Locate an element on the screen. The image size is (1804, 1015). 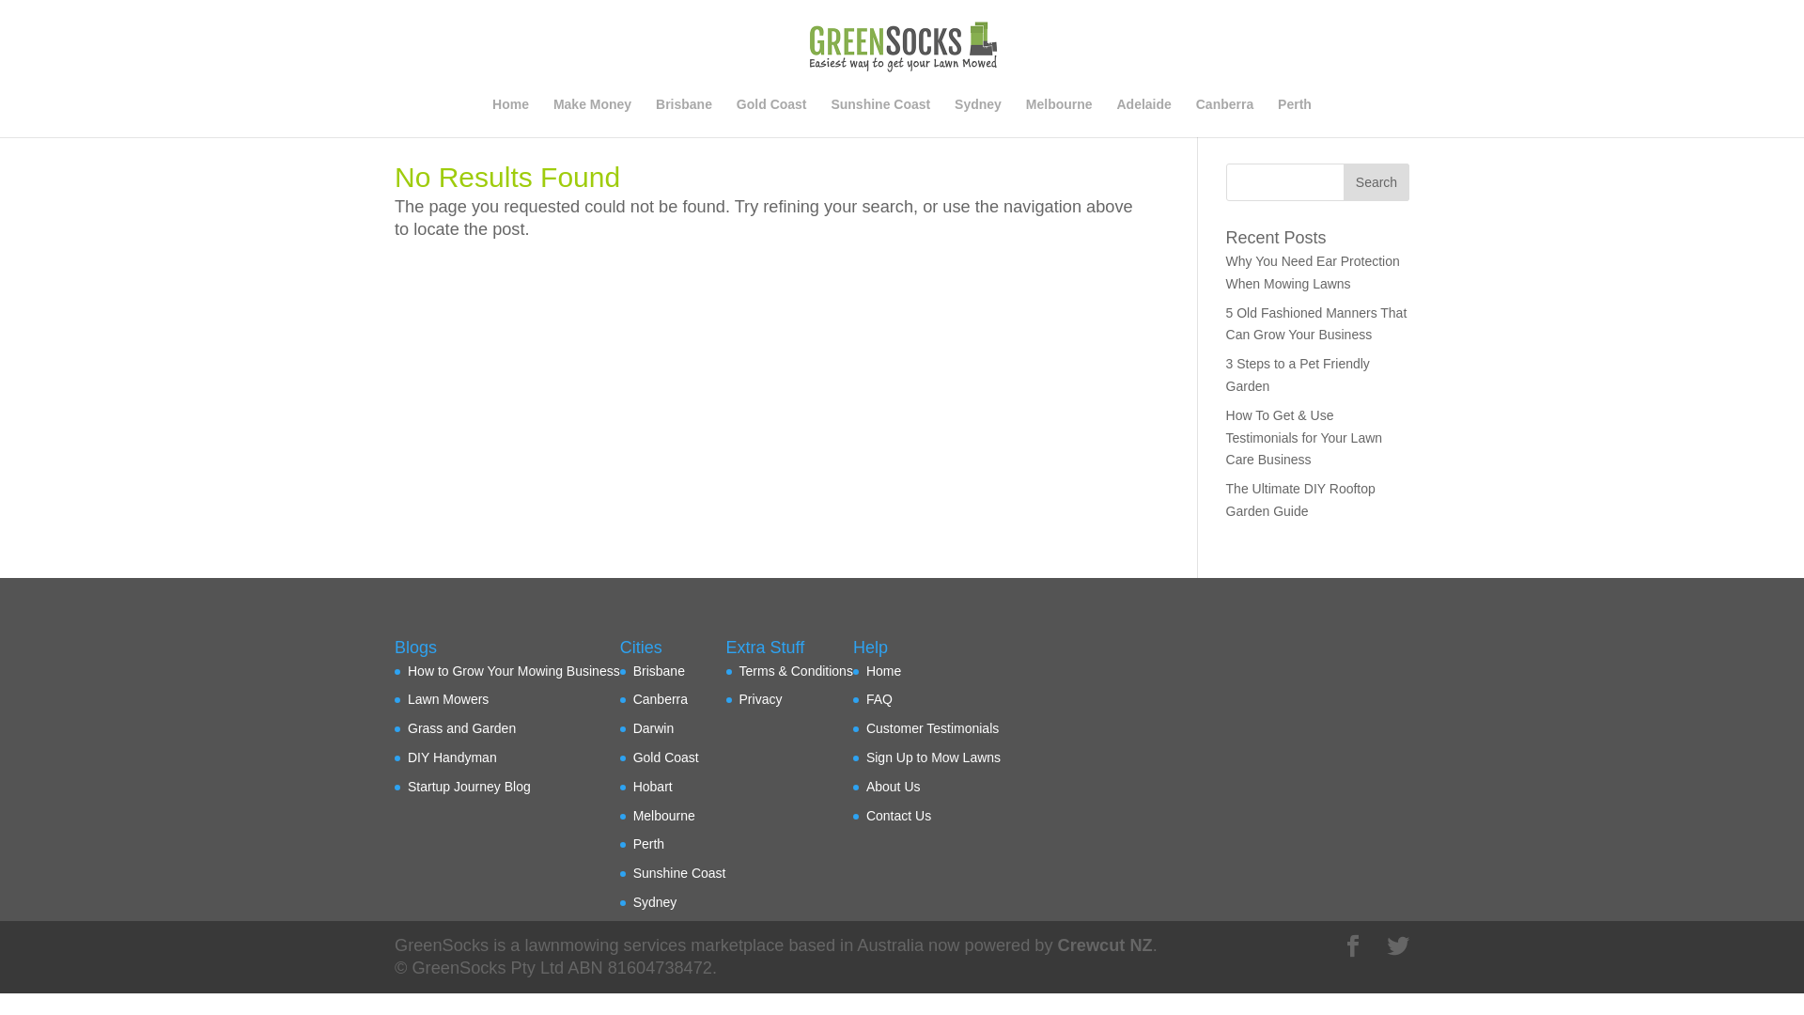
'Sunshine Coast' is located at coordinates (678, 873).